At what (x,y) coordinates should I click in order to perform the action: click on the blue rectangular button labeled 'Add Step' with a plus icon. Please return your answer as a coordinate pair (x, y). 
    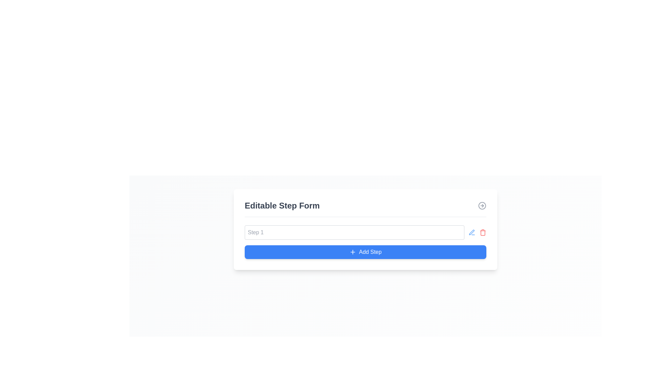
    Looking at the image, I should click on (365, 242).